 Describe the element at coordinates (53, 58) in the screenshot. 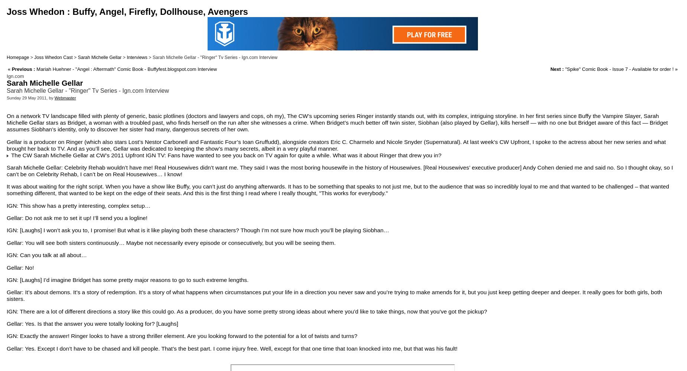

I see `'Joss Whedon Cast'` at that location.